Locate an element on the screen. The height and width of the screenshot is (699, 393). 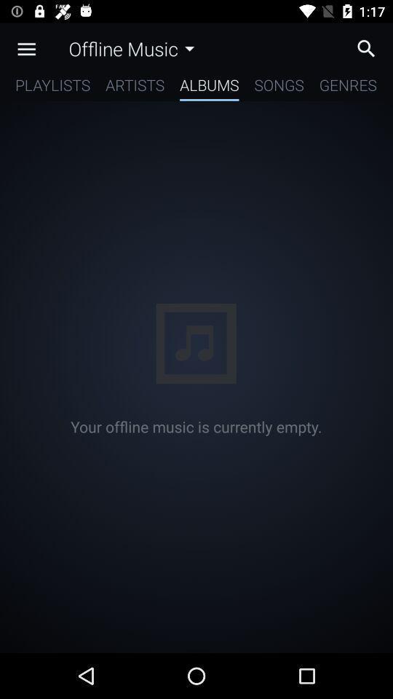
item next to the songs app is located at coordinates (208, 87).